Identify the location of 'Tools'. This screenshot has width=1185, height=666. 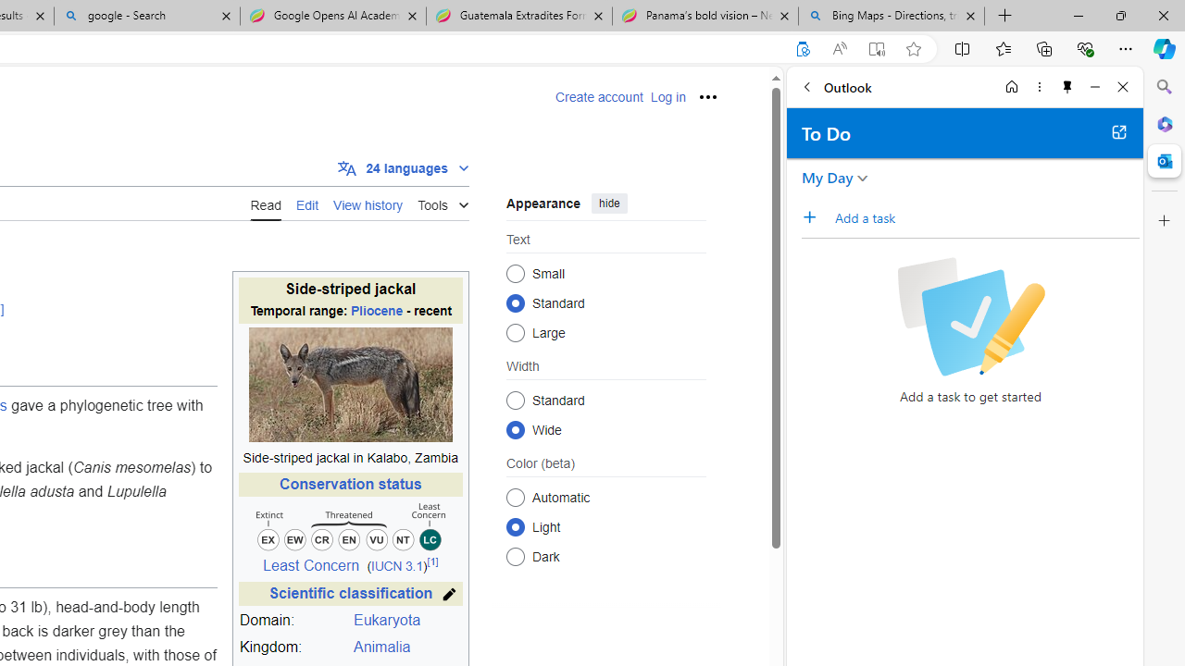
(442, 202).